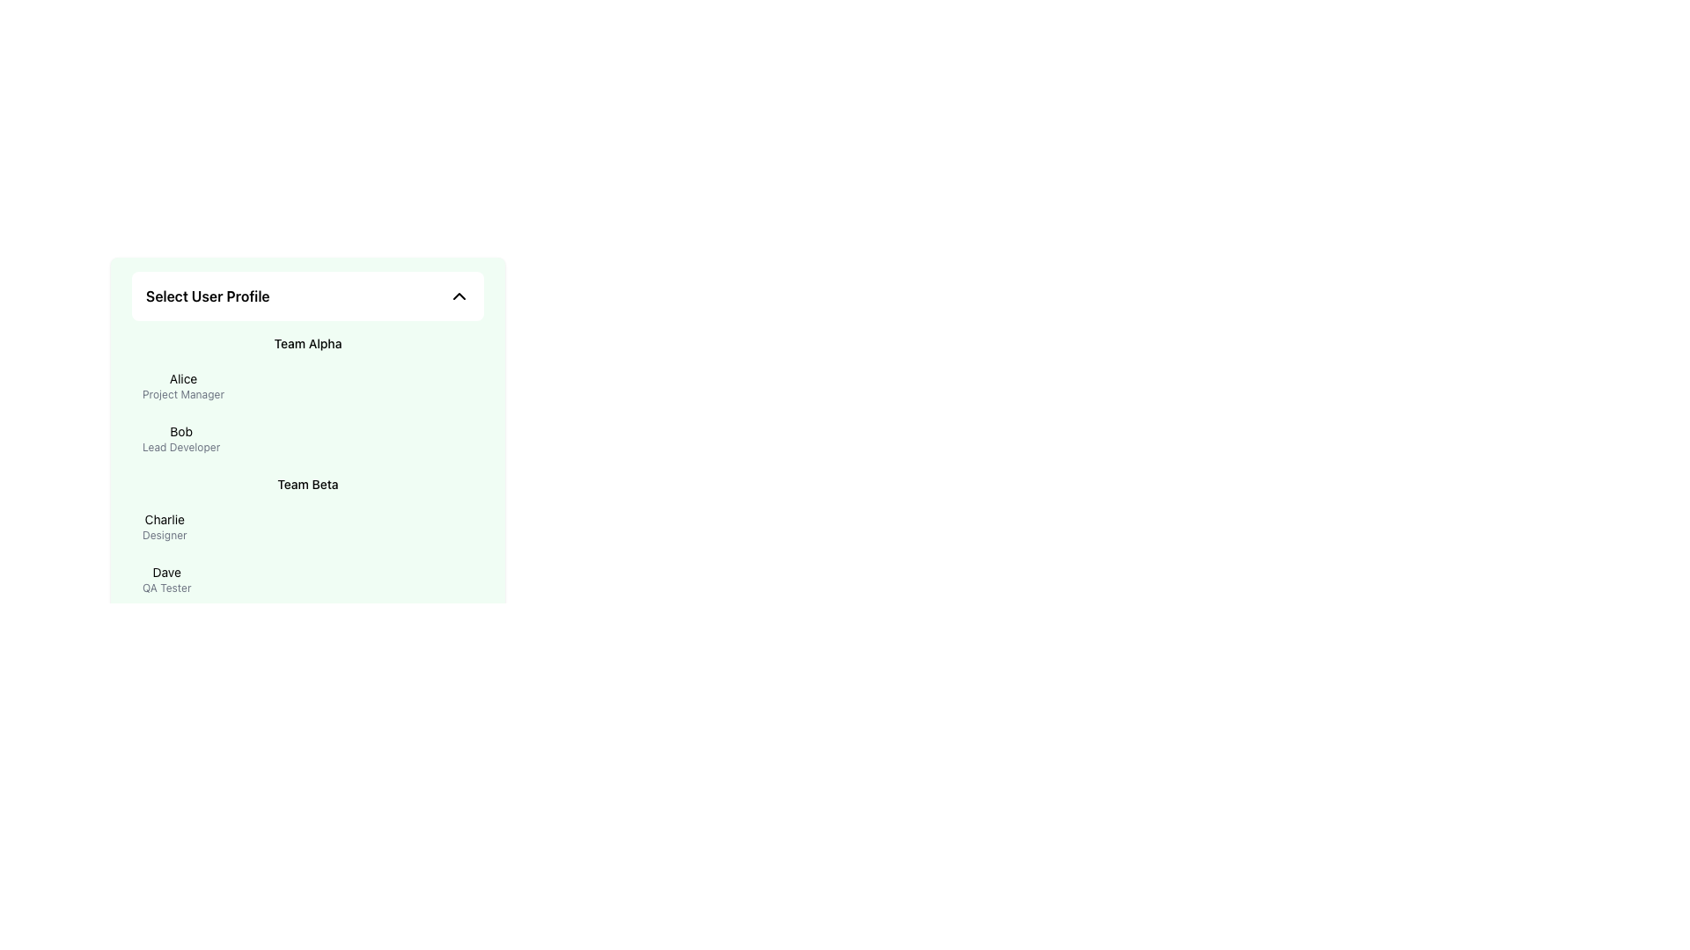  What do you see at coordinates (166, 573) in the screenshot?
I see `the text label displaying the name 'Dave', which is part of the user profile in the 'Team Beta' section` at bounding box center [166, 573].